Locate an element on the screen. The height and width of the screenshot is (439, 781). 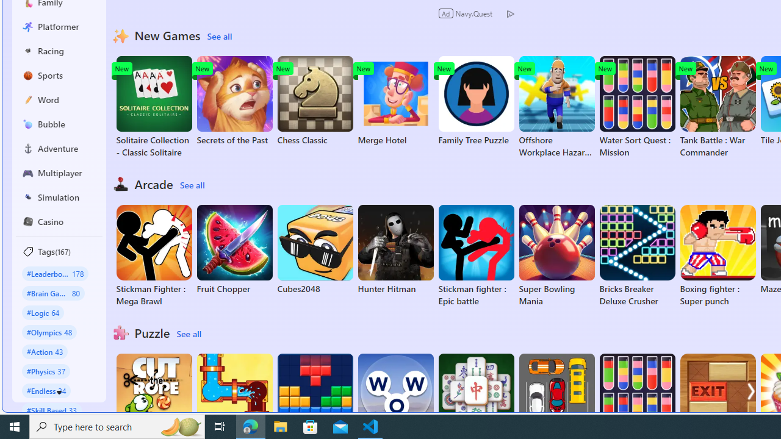
'Super Bowling Mania' is located at coordinates (556, 255).